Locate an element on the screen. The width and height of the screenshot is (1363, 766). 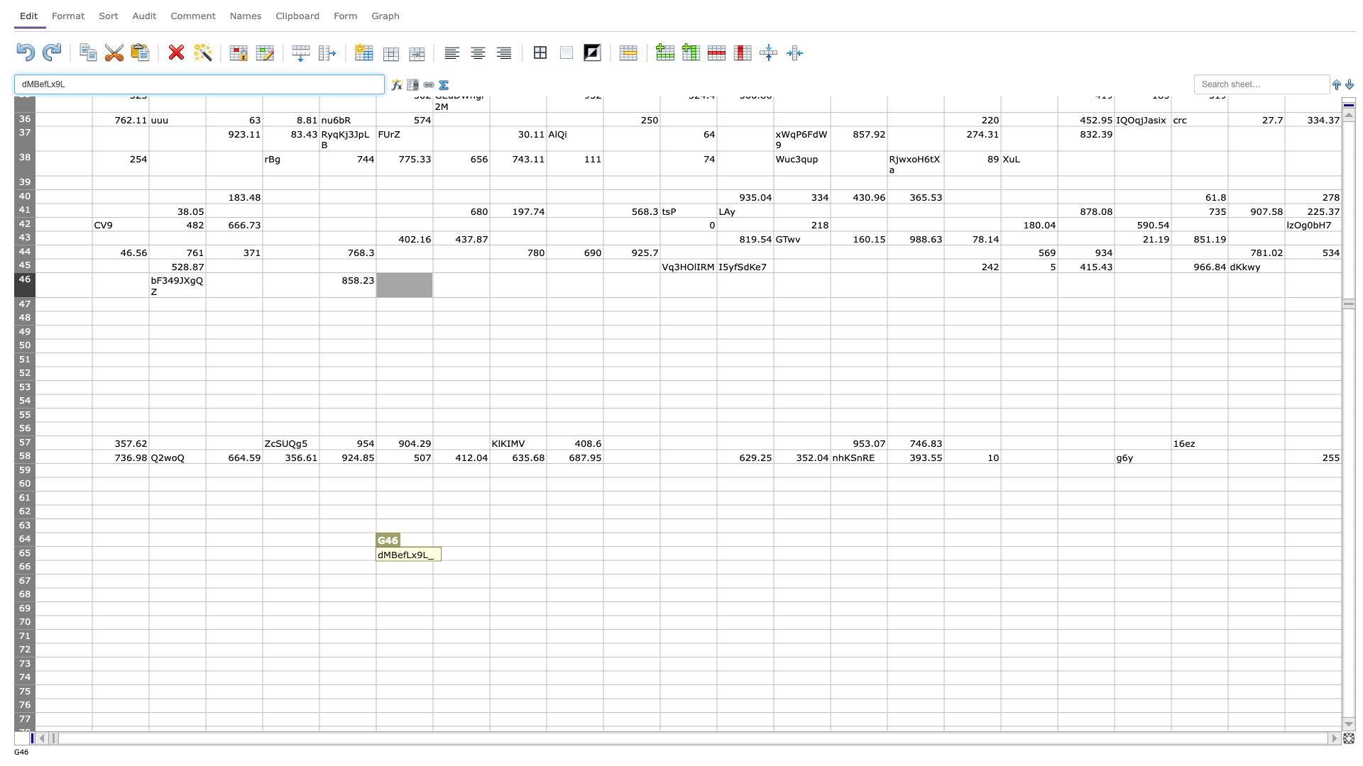
Southeast corner of cell I66 is located at coordinates (545, 573).